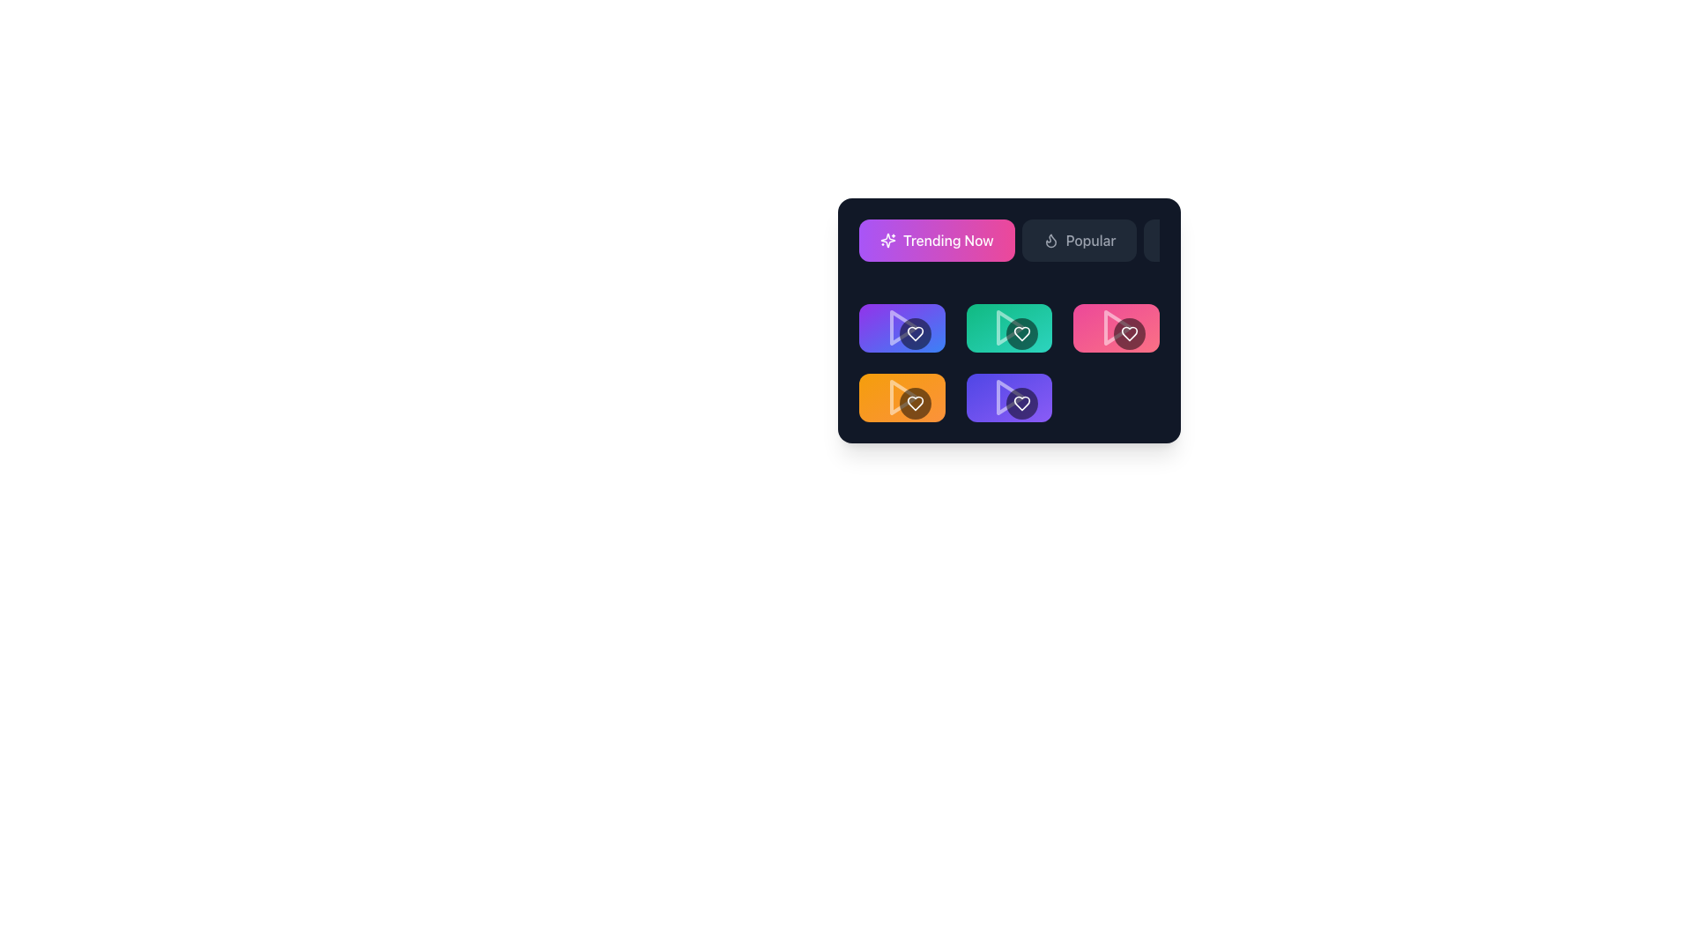 The width and height of the screenshot is (1692, 952). Describe the element at coordinates (902, 320) in the screenshot. I see `the Interactive media button, which features a heart icon within a circular button and is located at the top-left of a grid under 'Trending Now'` at that location.